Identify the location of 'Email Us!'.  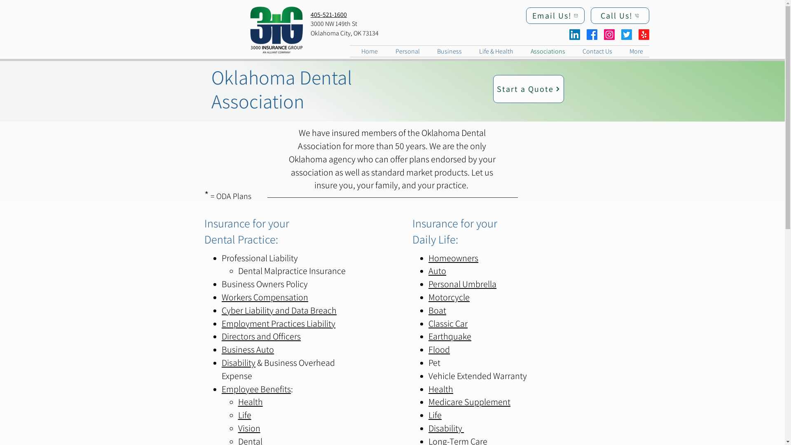
(555, 16).